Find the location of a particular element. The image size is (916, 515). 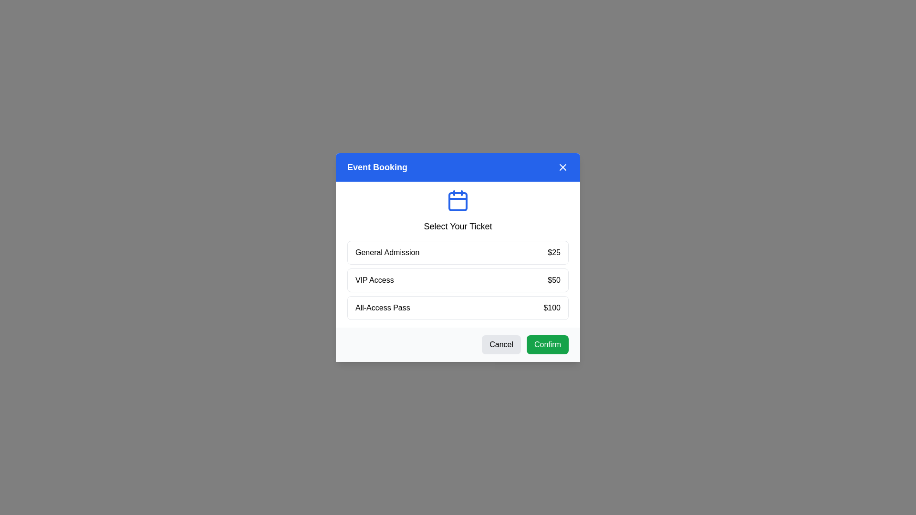

the second selectable list item labeled 'VIP Access ticket' to choose it for the event, located below 'General Admission' and above 'All-Access Pass' is located at coordinates (458, 279).